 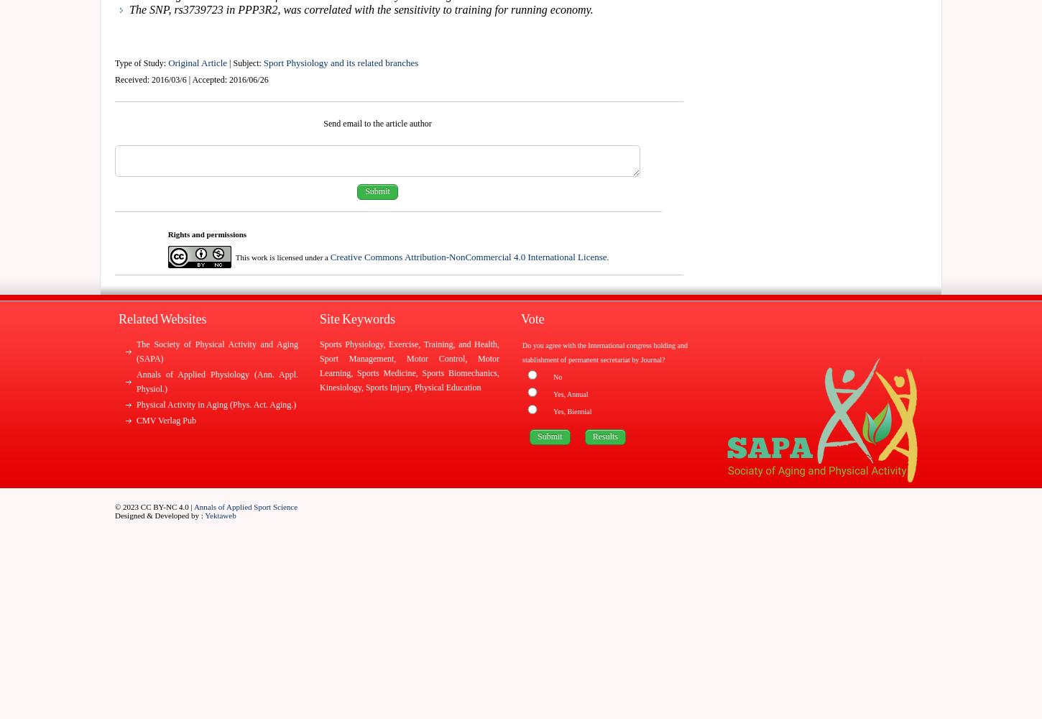 I want to click on 'Exercise, Training, and Health', so click(x=442, y=344).